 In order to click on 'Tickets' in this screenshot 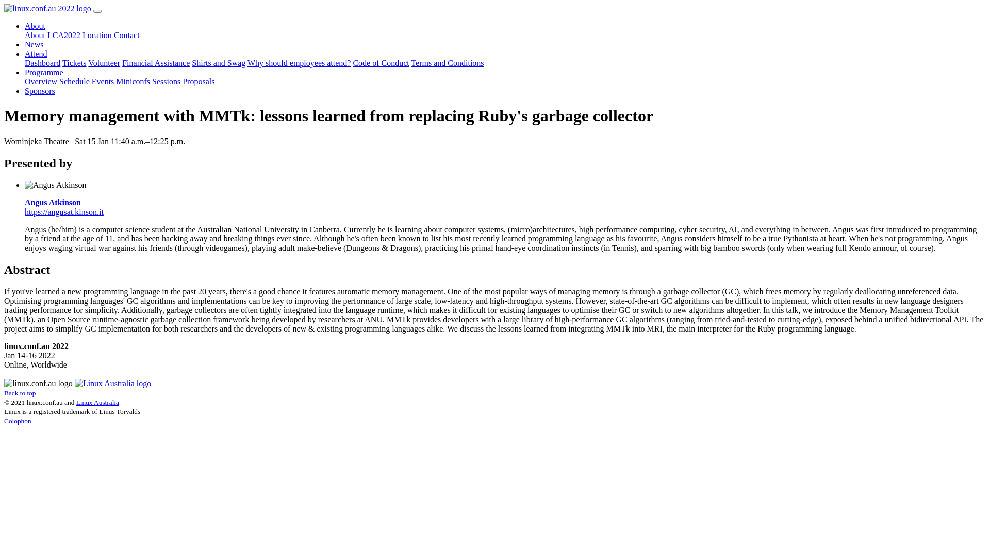, I will do `click(74, 63)`.